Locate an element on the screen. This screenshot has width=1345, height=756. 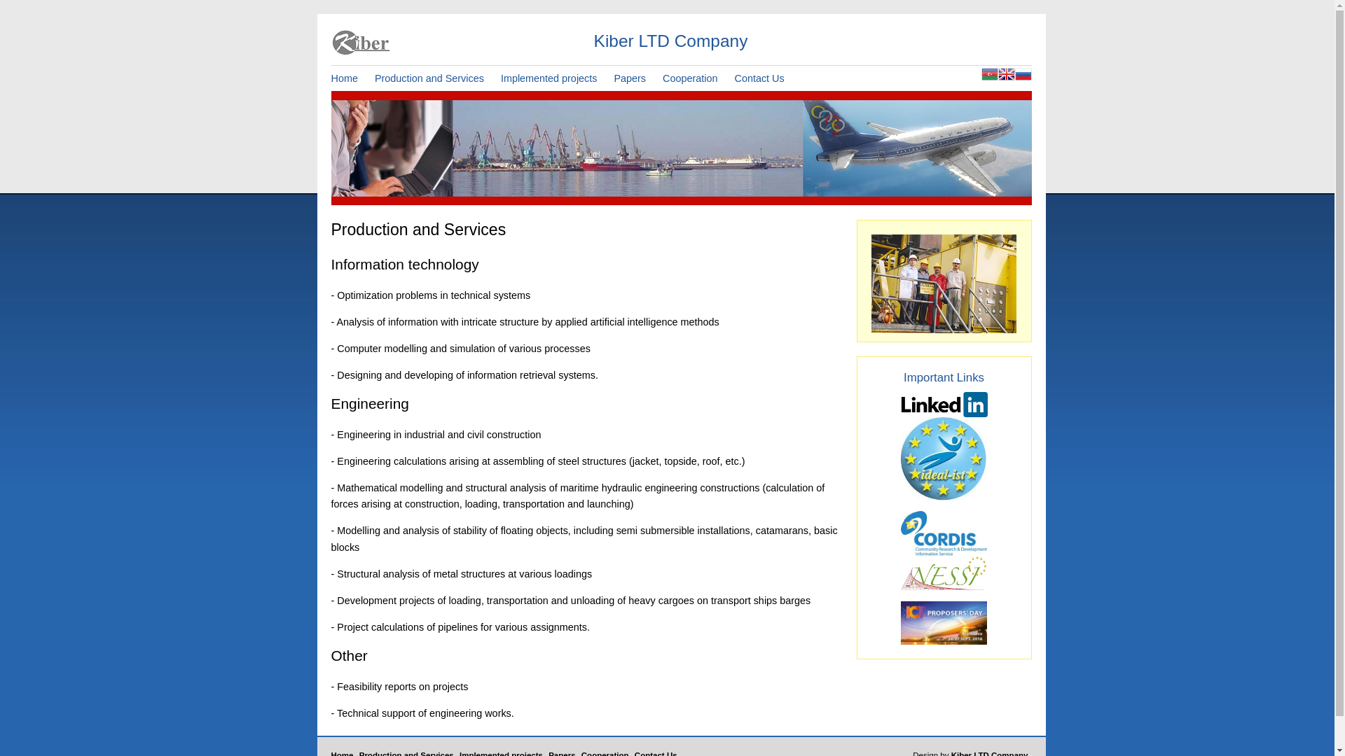
'Implemented projects' is located at coordinates (501, 78).